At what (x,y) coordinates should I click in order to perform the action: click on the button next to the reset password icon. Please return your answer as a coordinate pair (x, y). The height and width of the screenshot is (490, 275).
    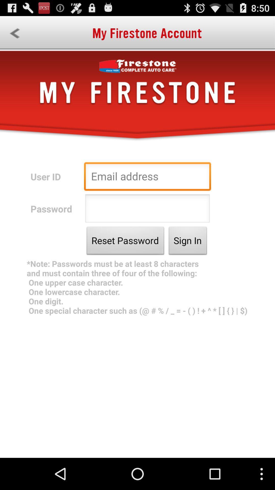
    Looking at the image, I should click on (188, 242).